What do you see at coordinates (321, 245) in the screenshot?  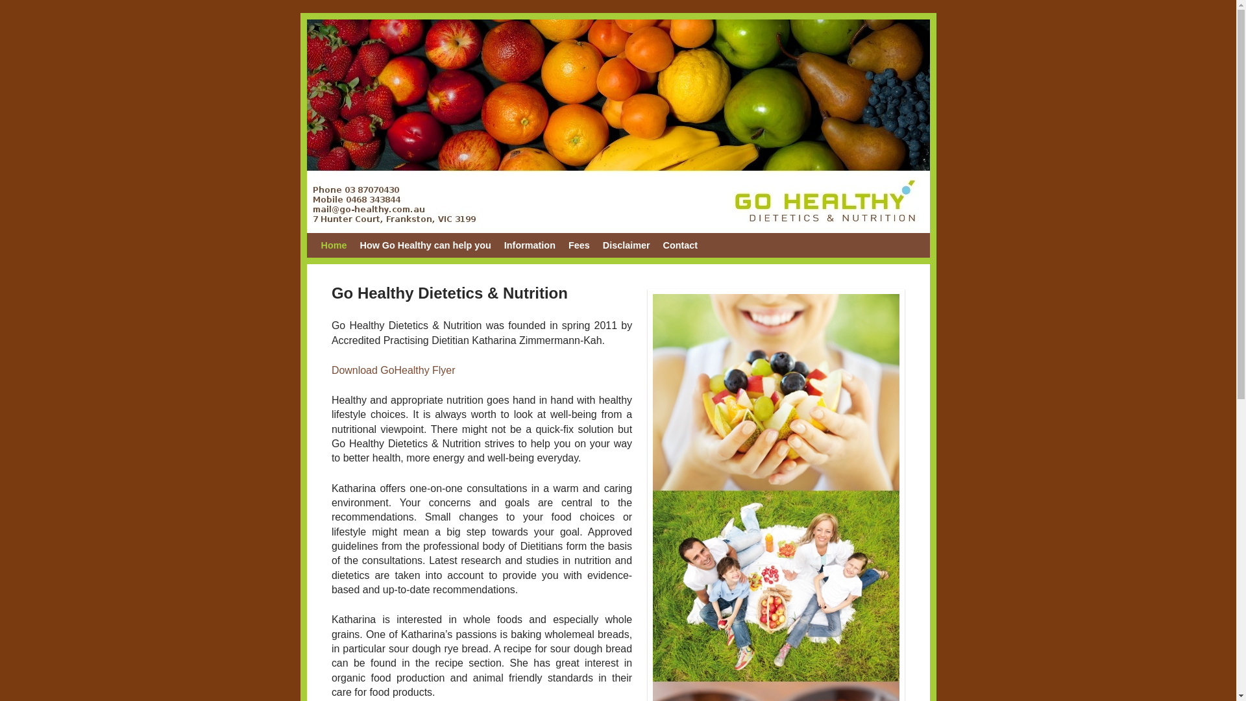 I see `'Skip to secondary content'` at bounding box center [321, 245].